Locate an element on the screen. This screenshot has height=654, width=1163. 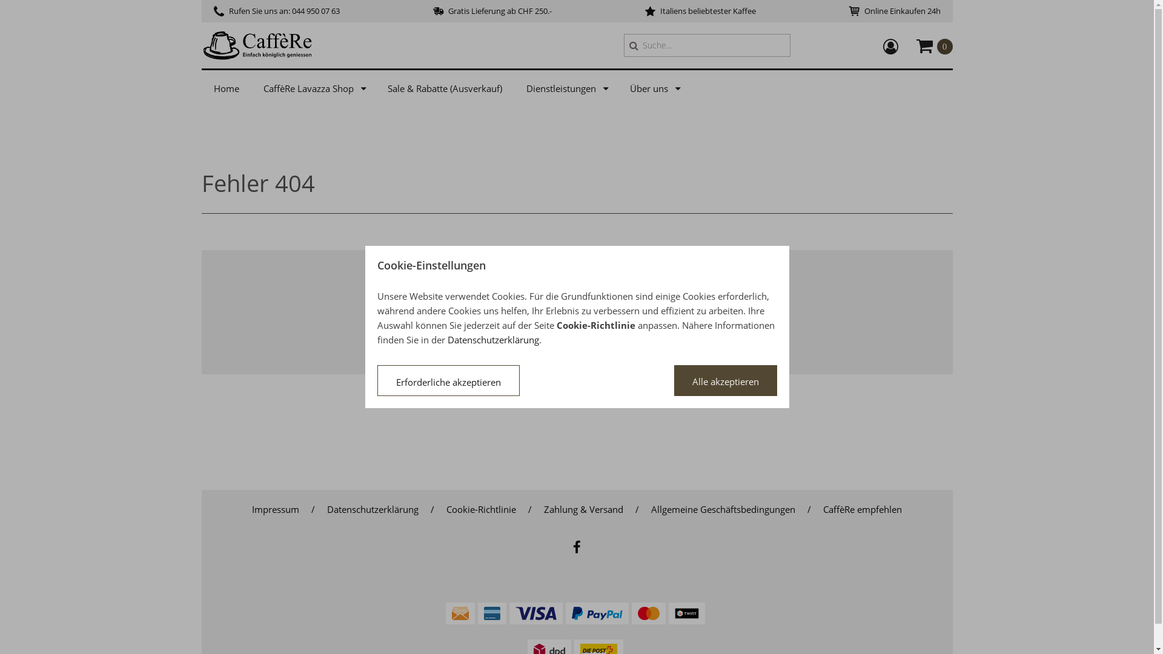
'Zahlung & Versand' is located at coordinates (583, 509).